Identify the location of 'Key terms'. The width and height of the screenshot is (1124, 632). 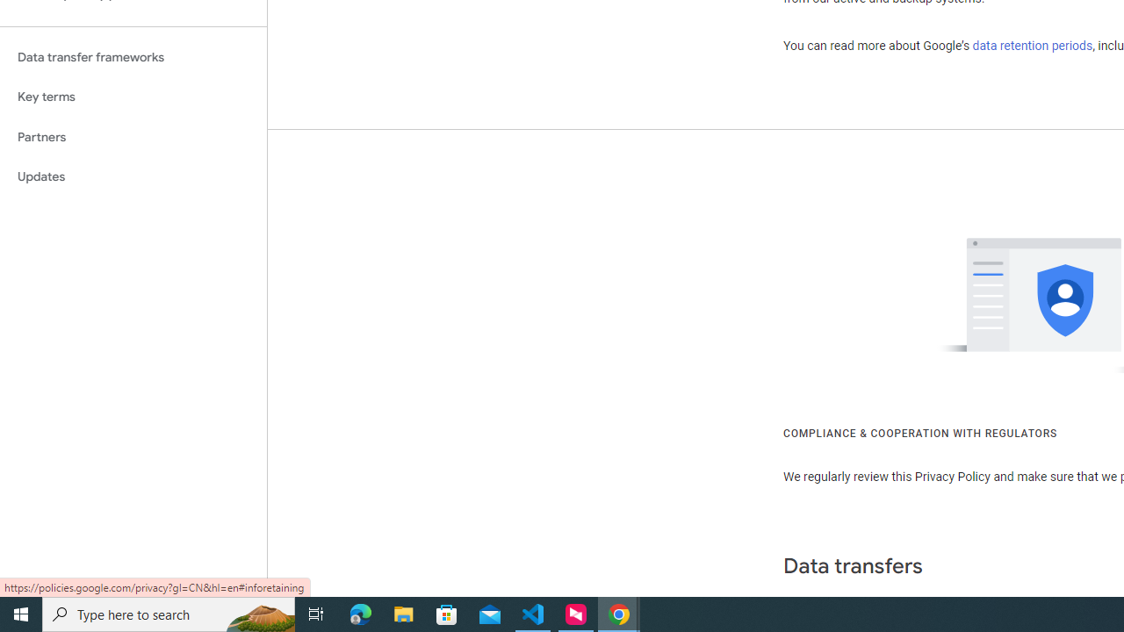
(133, 97).